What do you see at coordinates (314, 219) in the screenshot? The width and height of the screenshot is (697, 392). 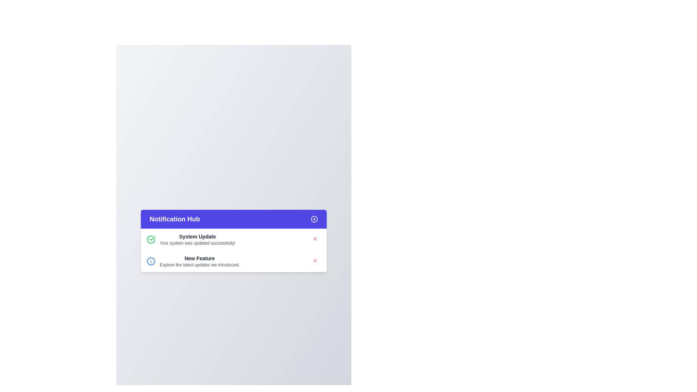 I see `the circular icon button with a plus sign in the top-right corner of the blue header bar labeled 'Notification Hub' to change its color to green` at bounding box center [314, 219].